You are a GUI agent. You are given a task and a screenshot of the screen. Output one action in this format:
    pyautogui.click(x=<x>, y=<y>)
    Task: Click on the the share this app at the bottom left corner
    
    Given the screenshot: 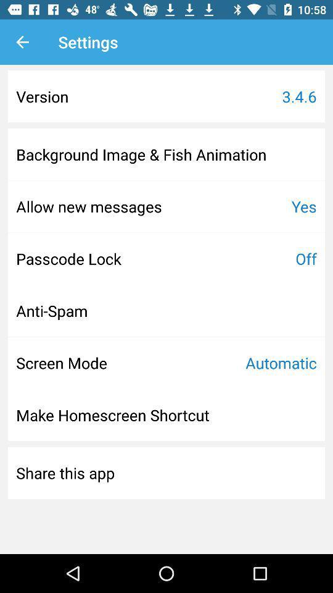 What is the action you would take?
    pyautogui.click(x=65, y=472)
    